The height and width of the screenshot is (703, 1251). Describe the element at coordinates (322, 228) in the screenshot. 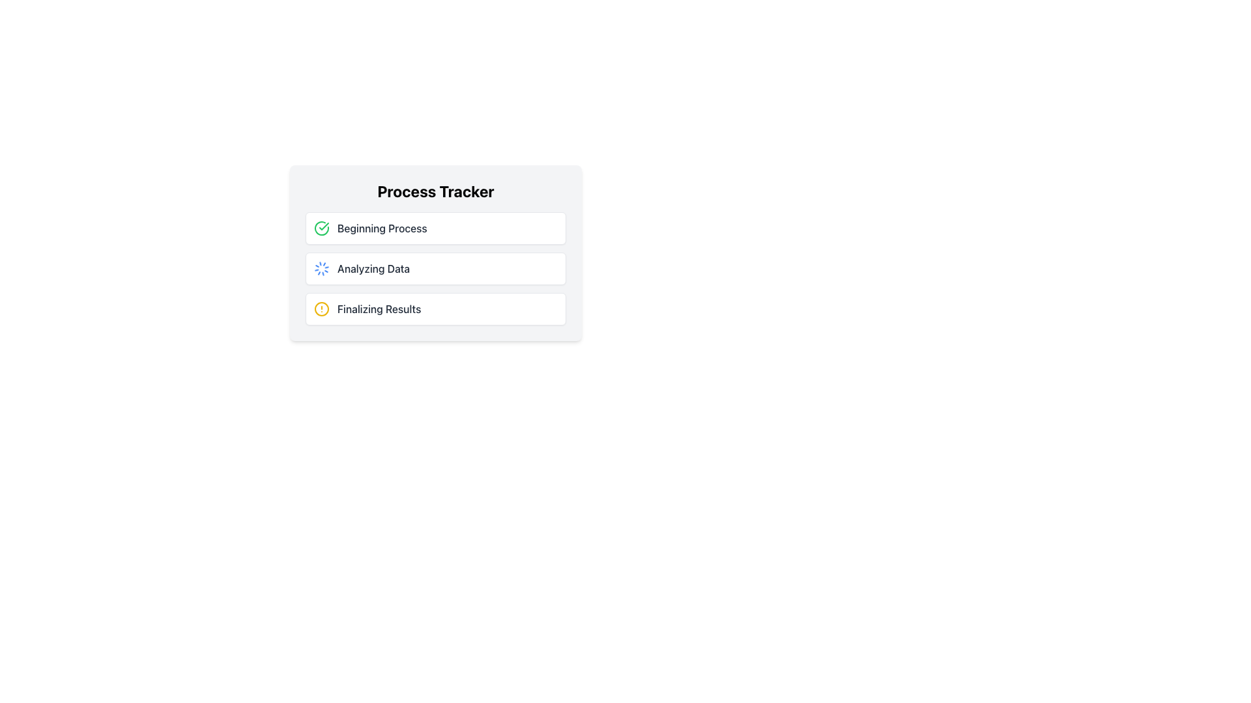

I see `the visual indicator icon that signifies the completion of the 'Beginning Process' step, located next to the 'Beginning Process' text label in the process tracking section` at that location.